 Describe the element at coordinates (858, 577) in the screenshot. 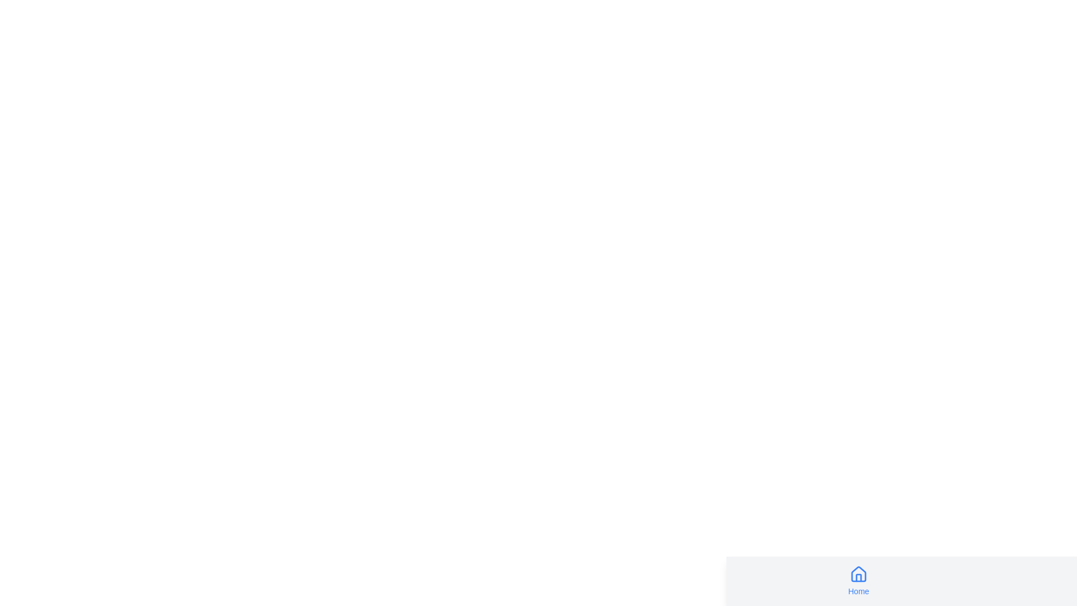

I see `the door-like feature at the base of the house icon, which is centrally aligned and colored with outlines consistent with the house graphic` at that location.